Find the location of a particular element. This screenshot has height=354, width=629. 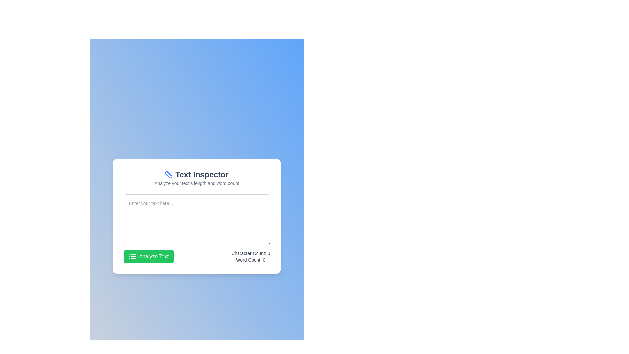

the main title Text Label for the text analysis interface, which is located at the top-center of the card interface is located at coordinates (196, 174).